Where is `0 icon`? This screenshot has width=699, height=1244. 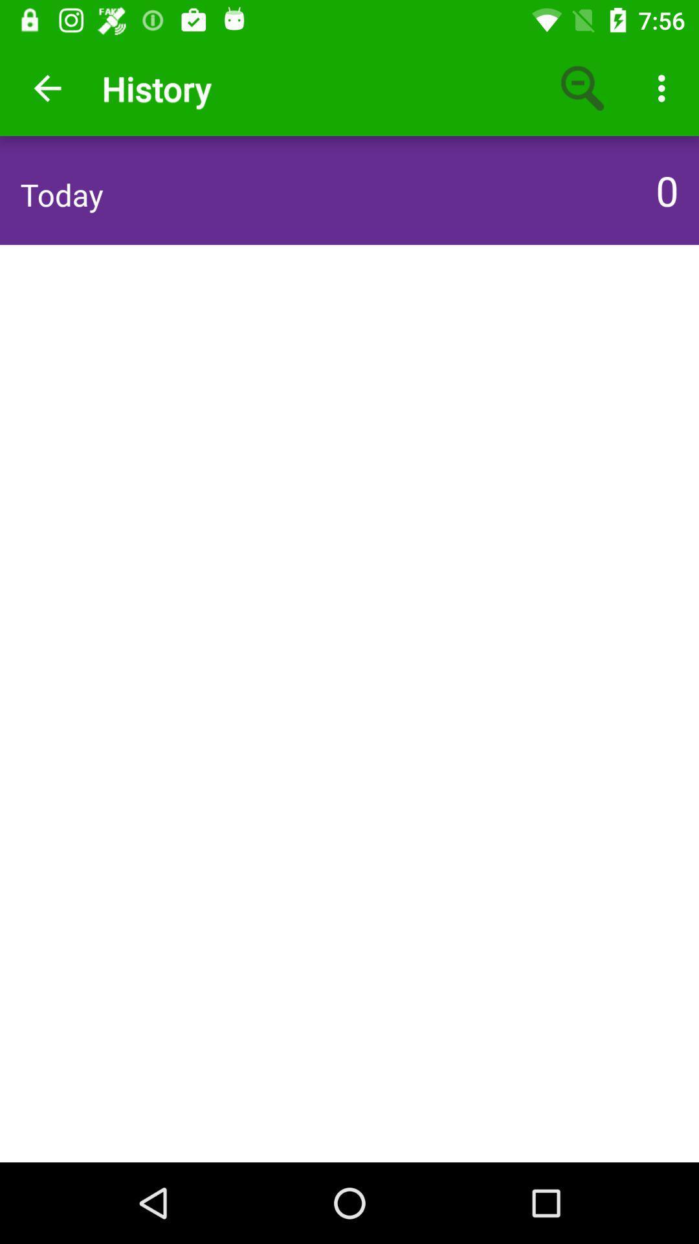 0 icon is located at coordinates (663, 189).